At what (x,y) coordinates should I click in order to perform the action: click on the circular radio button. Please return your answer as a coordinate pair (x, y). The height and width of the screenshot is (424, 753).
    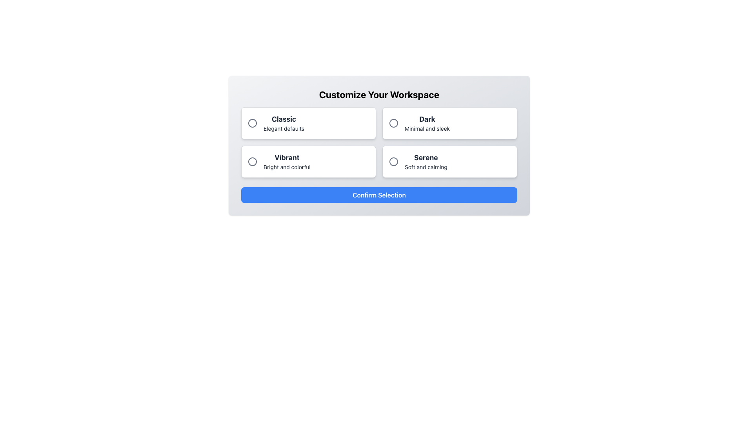
    Looking at the image, I should click on (393, 123).